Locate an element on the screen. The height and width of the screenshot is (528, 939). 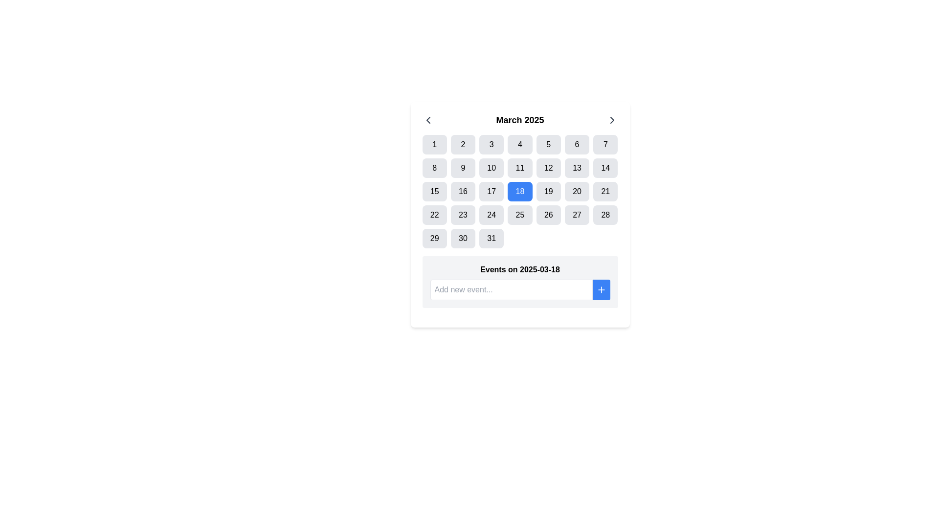
the small, rounded, rectangular button with a light gray background containing the numeral '2' is located at coordinates (462, 145).